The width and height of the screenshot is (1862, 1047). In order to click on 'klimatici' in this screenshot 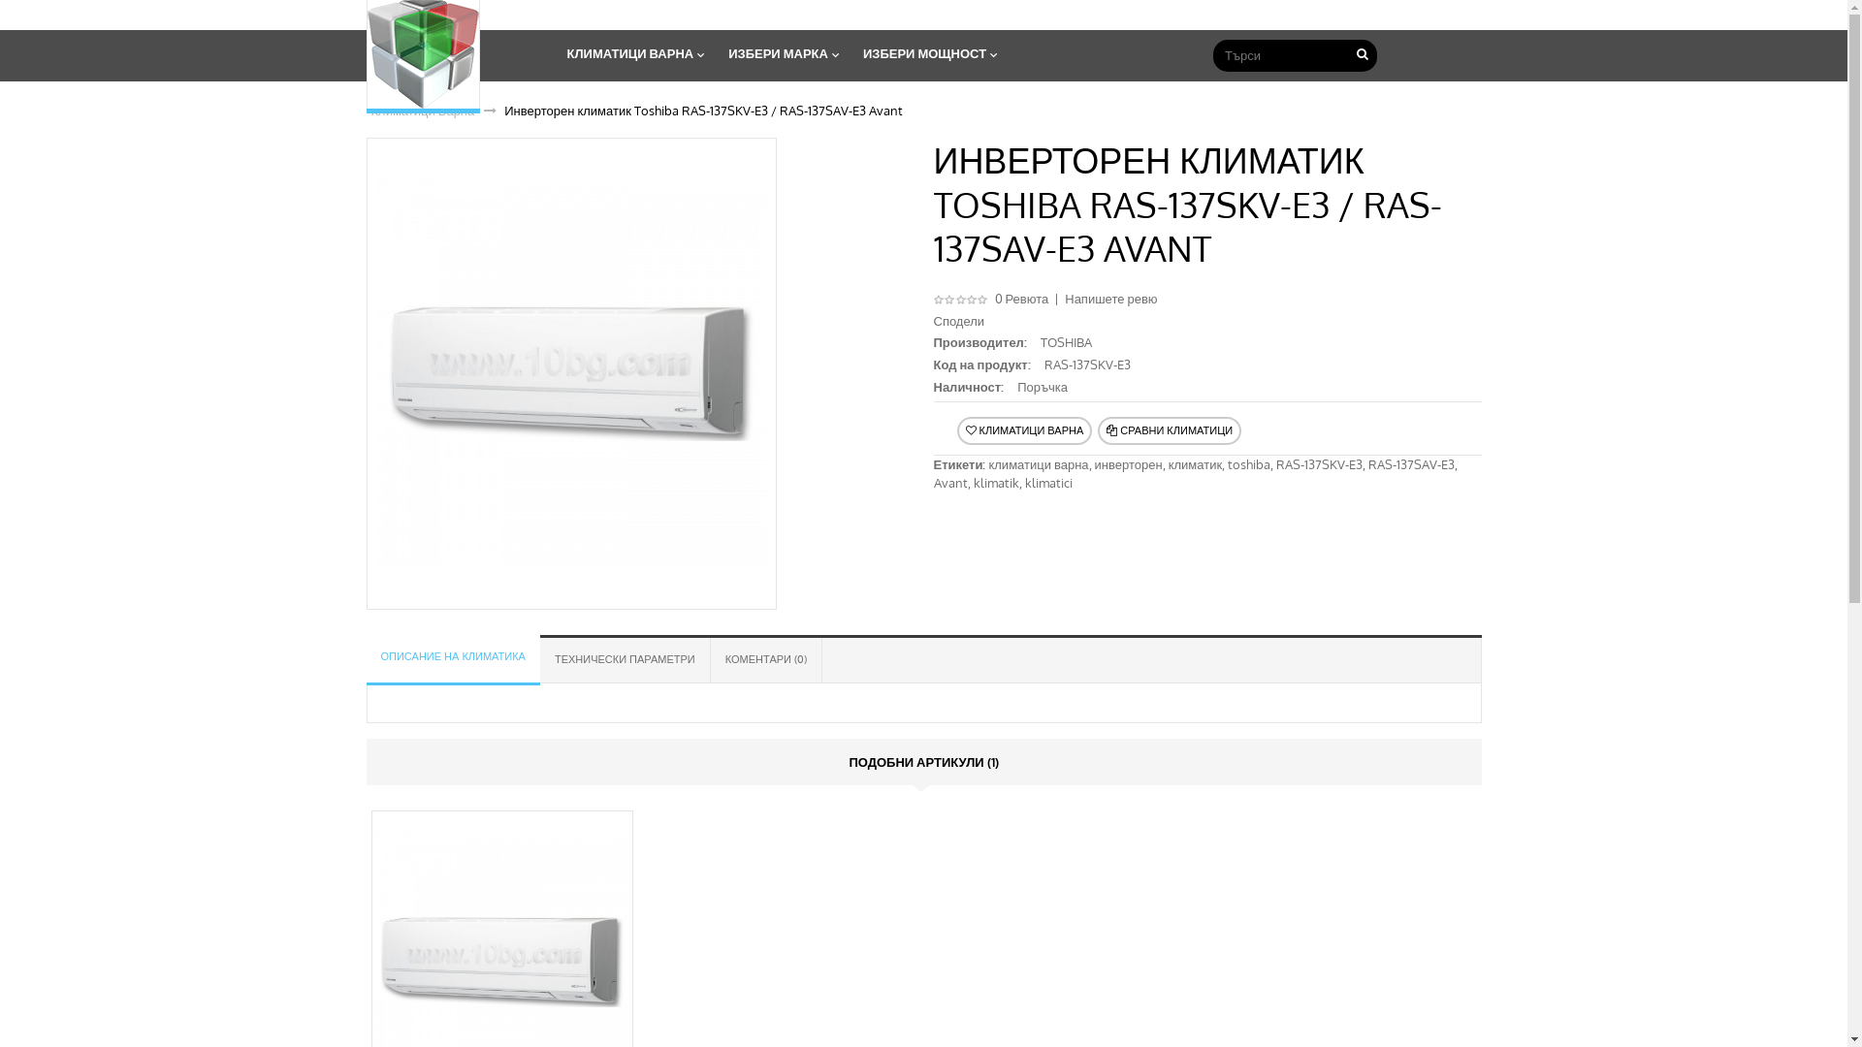, I will do `click(1046, 481)`.